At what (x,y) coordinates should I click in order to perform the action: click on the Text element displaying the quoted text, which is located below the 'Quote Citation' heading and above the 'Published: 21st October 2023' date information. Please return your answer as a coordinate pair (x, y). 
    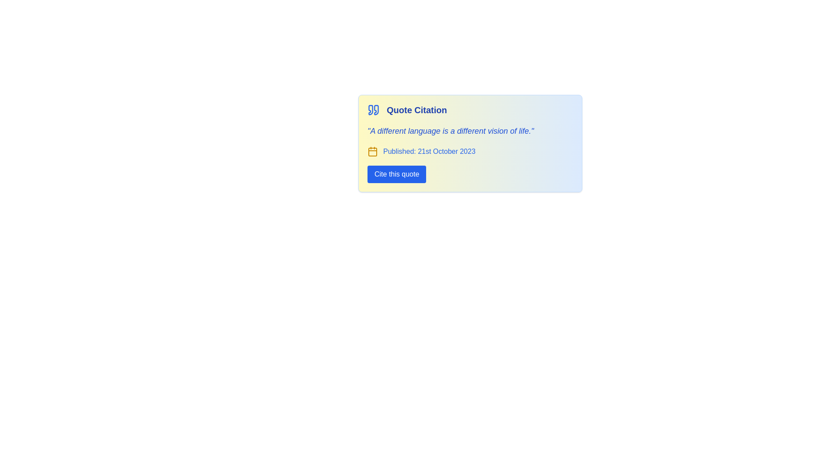
    Looking at the image, I should click on (451, 131).